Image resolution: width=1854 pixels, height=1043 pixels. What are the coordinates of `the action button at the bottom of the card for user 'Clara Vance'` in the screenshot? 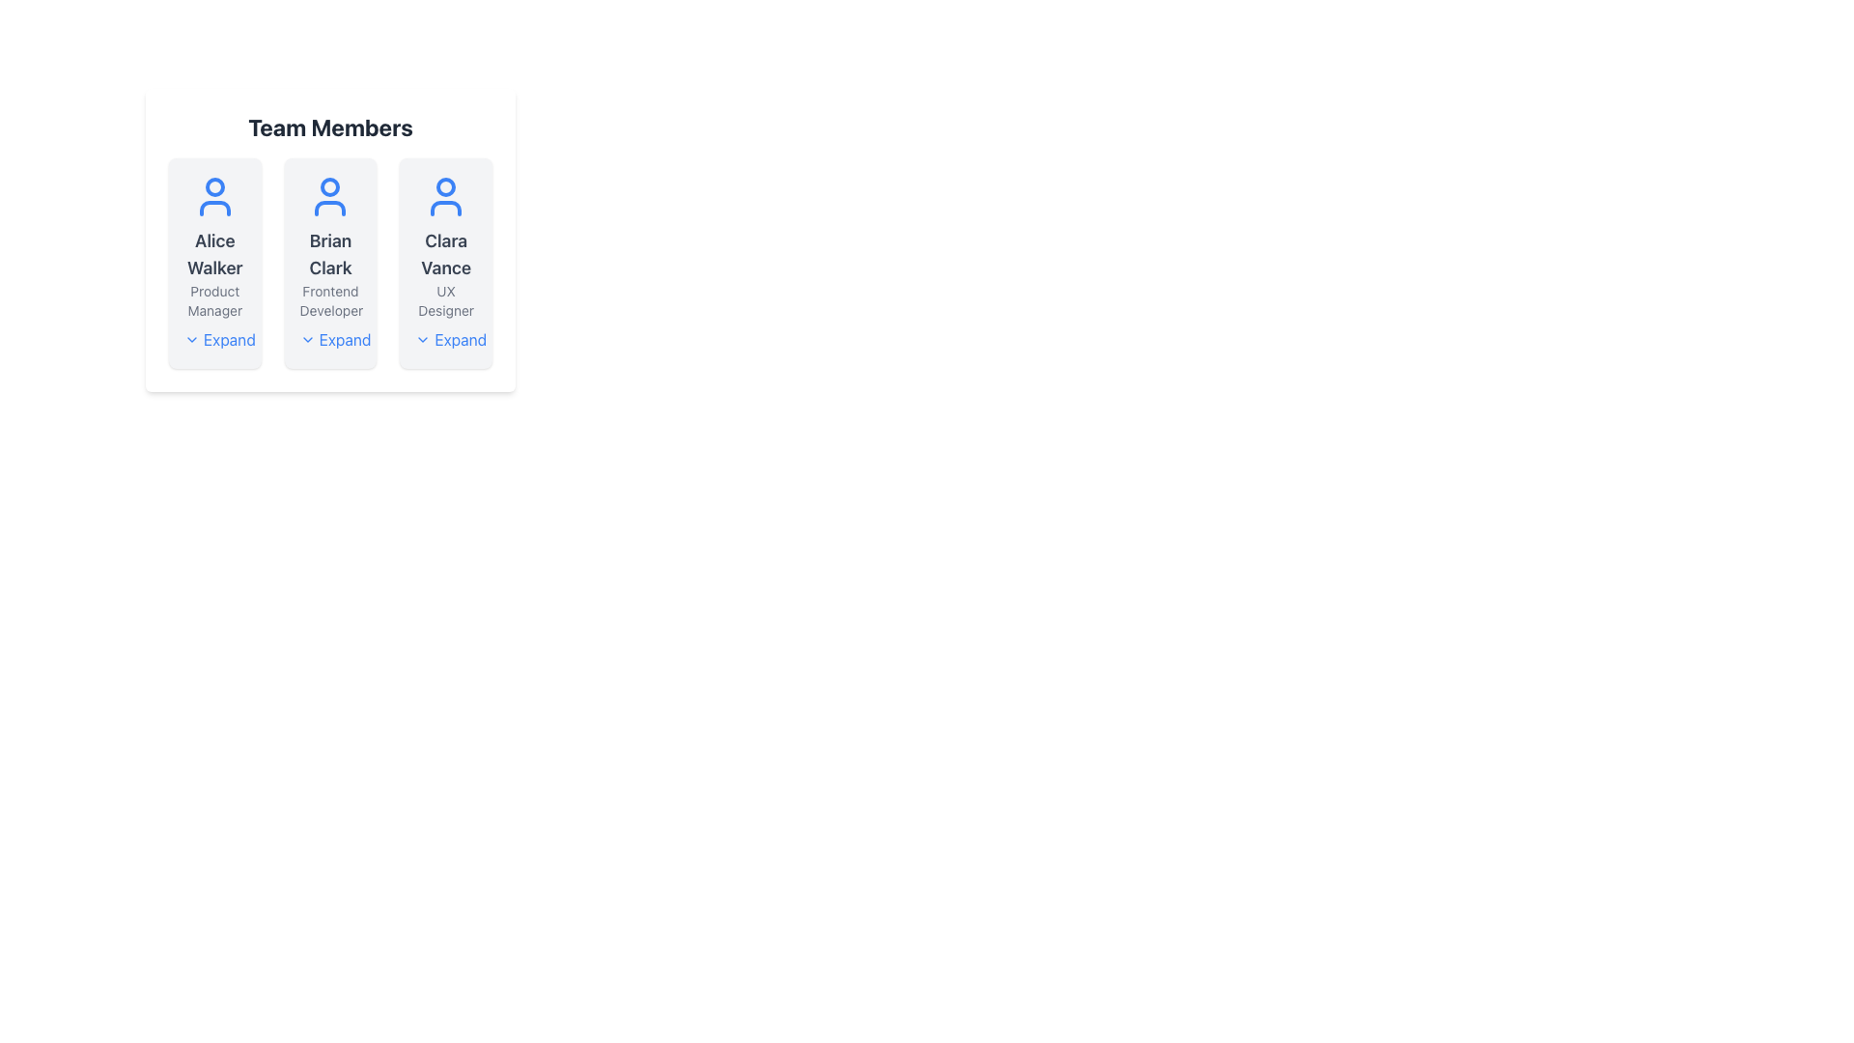 It's located at (450, 338).